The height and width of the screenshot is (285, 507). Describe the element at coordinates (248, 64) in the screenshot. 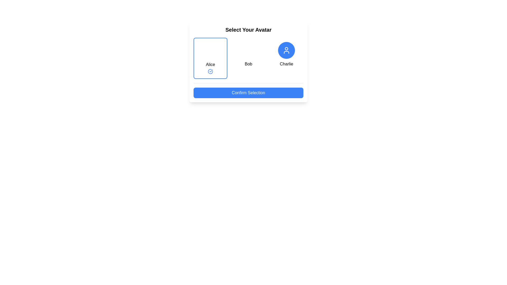

I see `the text label displaying the name 'Bob', which identifies the specific avatar option associated with it, located in the middle among three selection options` at that location.